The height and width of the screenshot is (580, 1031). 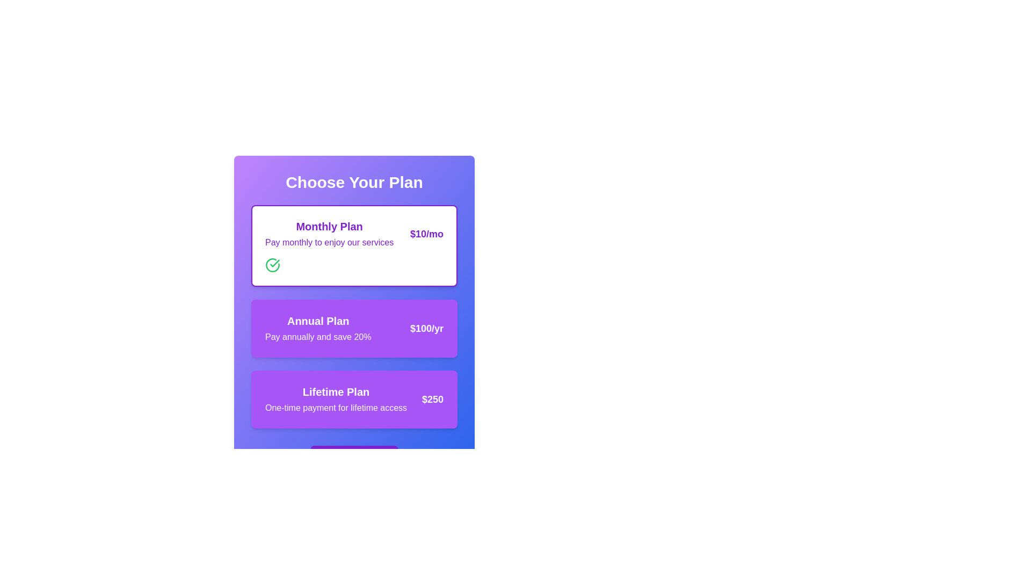 What do you see at coordinates (336, 392) in the screenshot?
I see `the text label displaying 'Lifetime Plan', which is prominently styled with white text on a purple background within a card structure` at bounding box center [336, 392].